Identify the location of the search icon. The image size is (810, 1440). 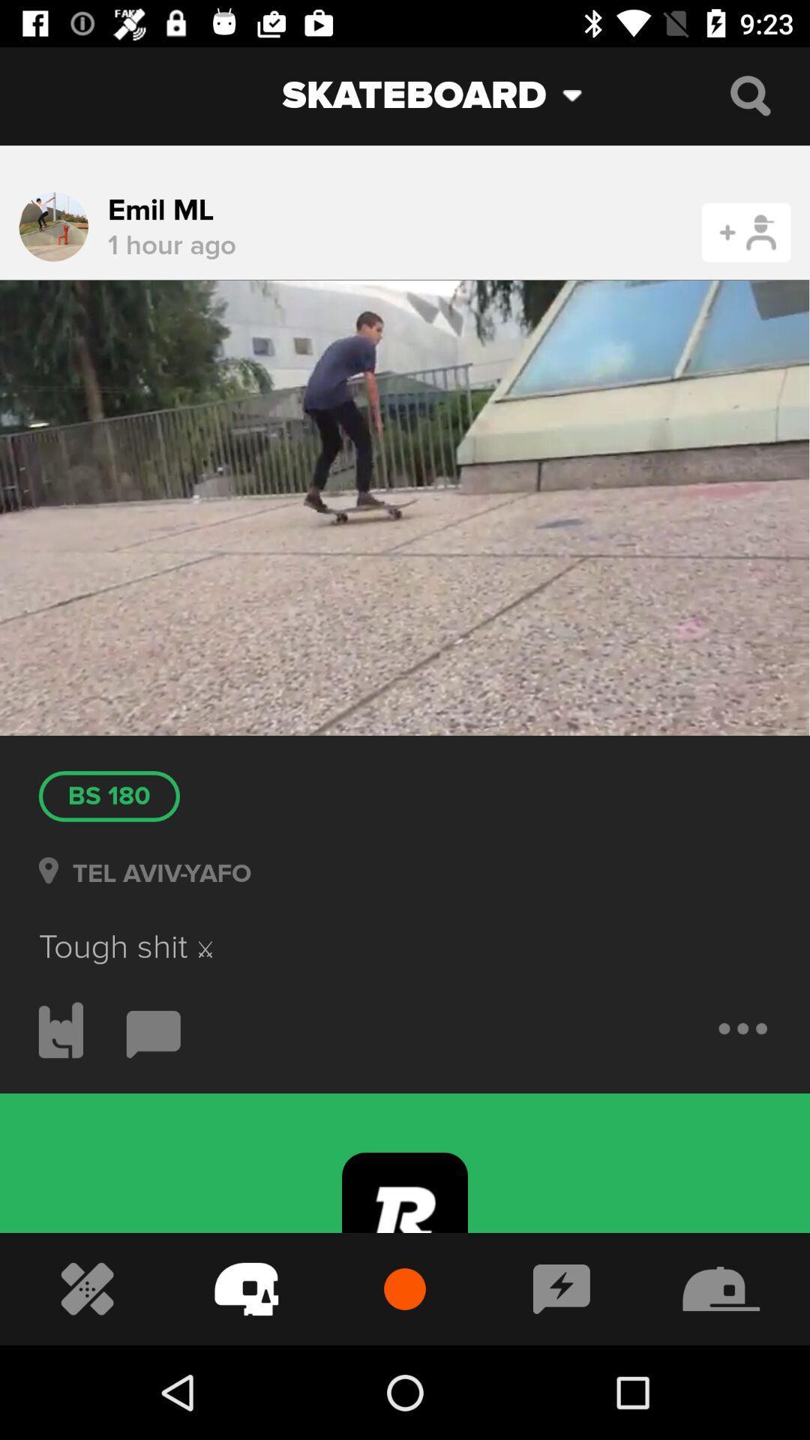
(750, 94).